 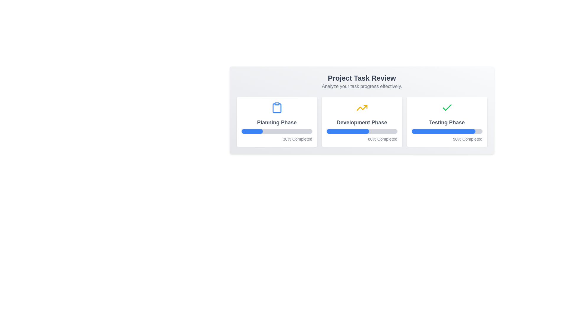 I want to click on the decorative icon representing documentation or planning located above the 'Planning Phase' text and the '30% Completed' progress bar, so click(x=276, y=108).